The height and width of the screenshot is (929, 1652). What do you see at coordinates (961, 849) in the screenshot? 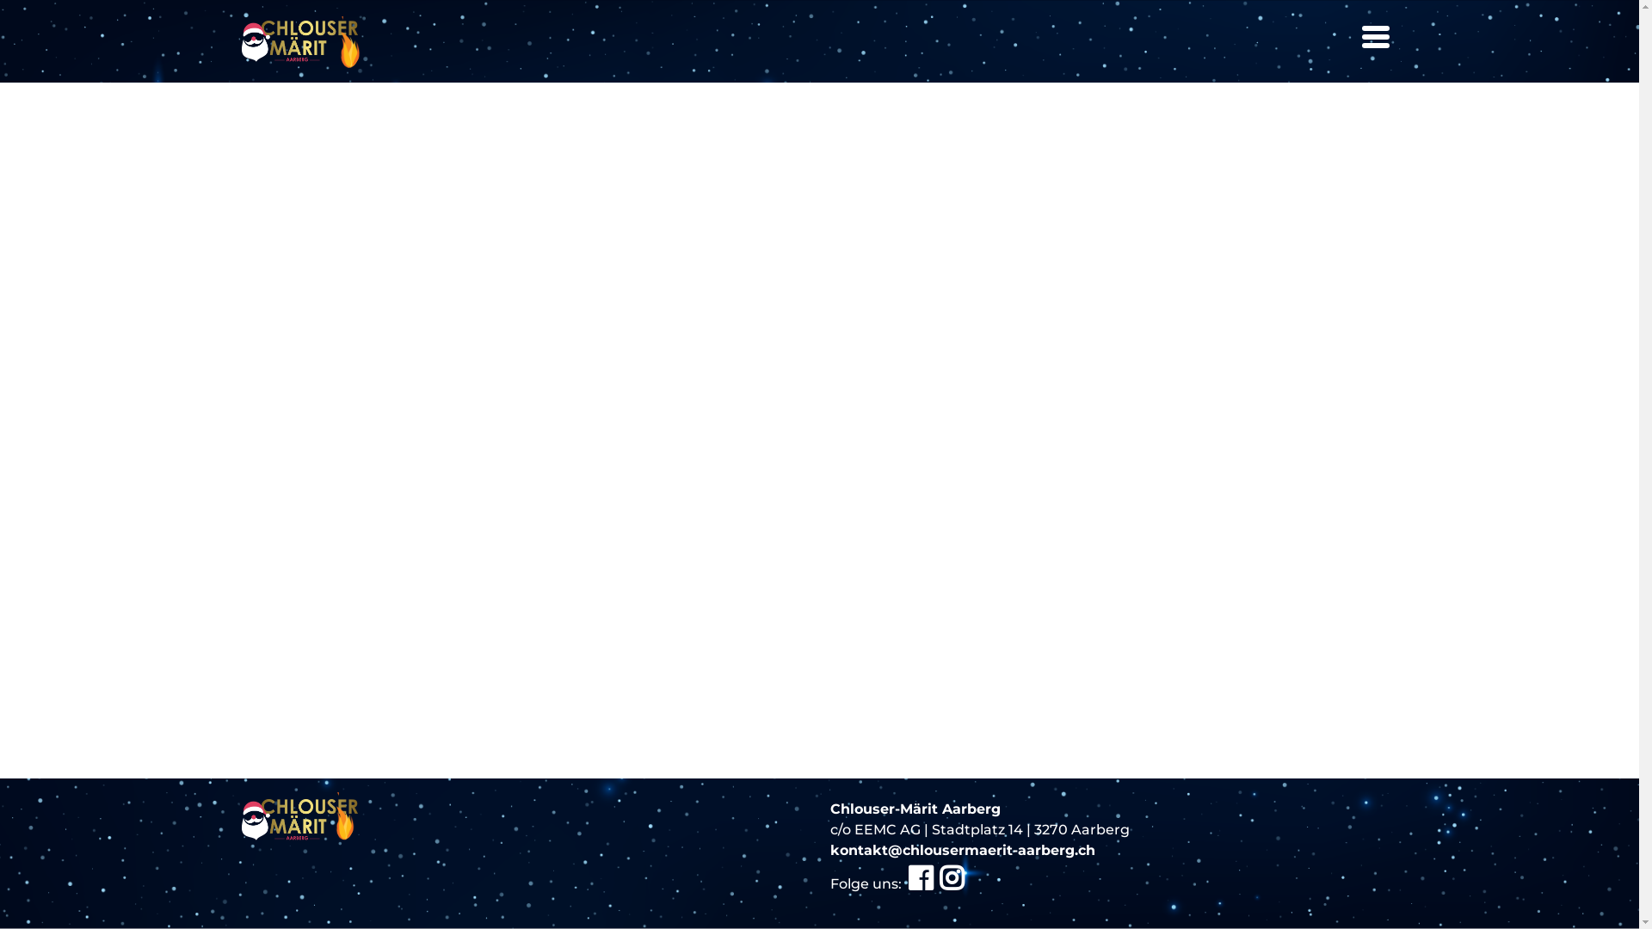
I see `'kontakt@chlousermaerit-aarberg.ch'` at bounding box center [961, 849].